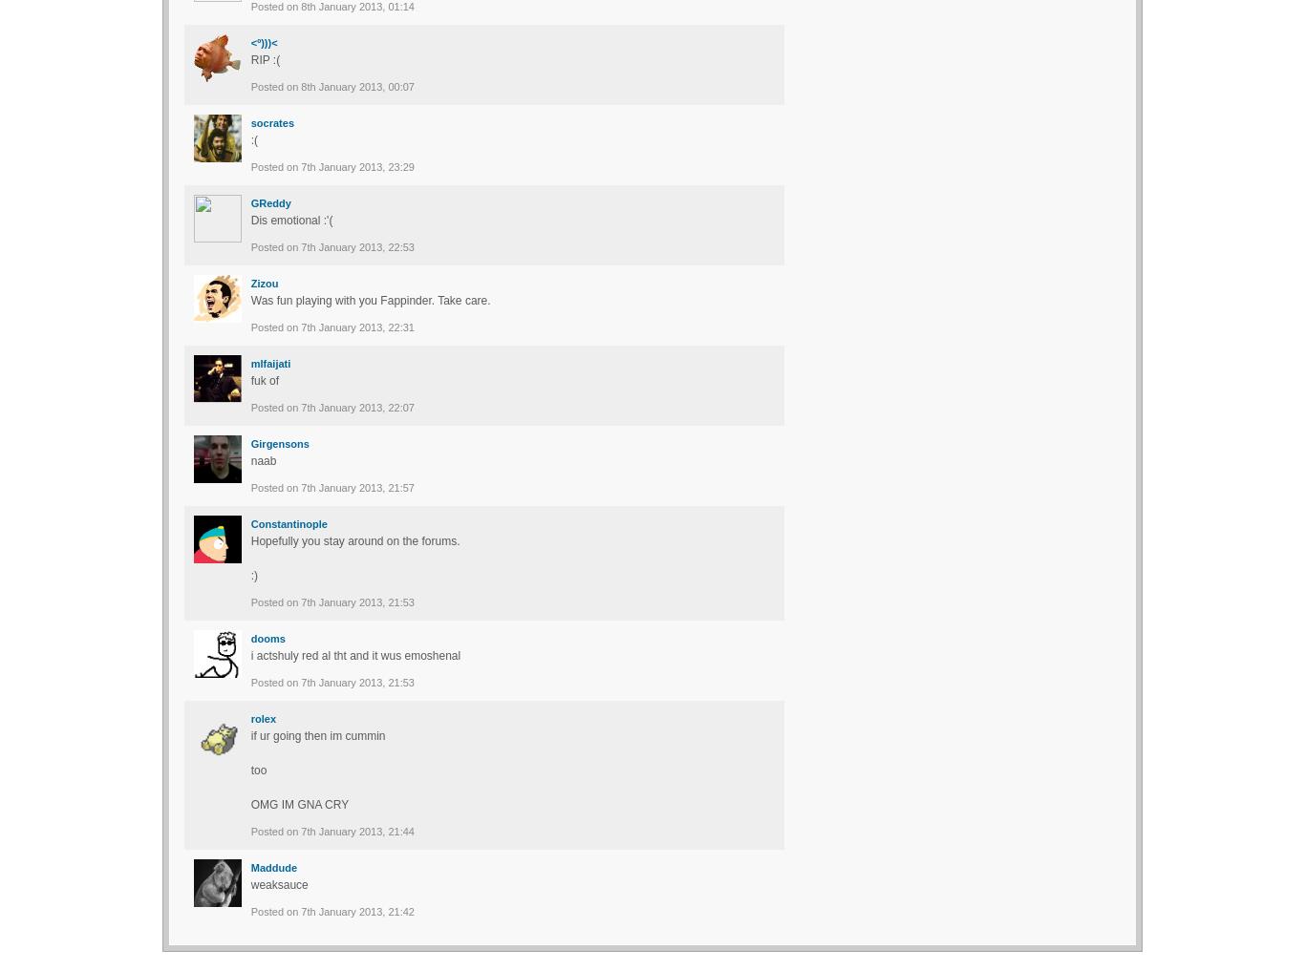 This screenshot has width=1305, height=971. What do you see at coordinates (263, 459) in the screenshot?
I see `'naab'` at bounding box center [263, 459].